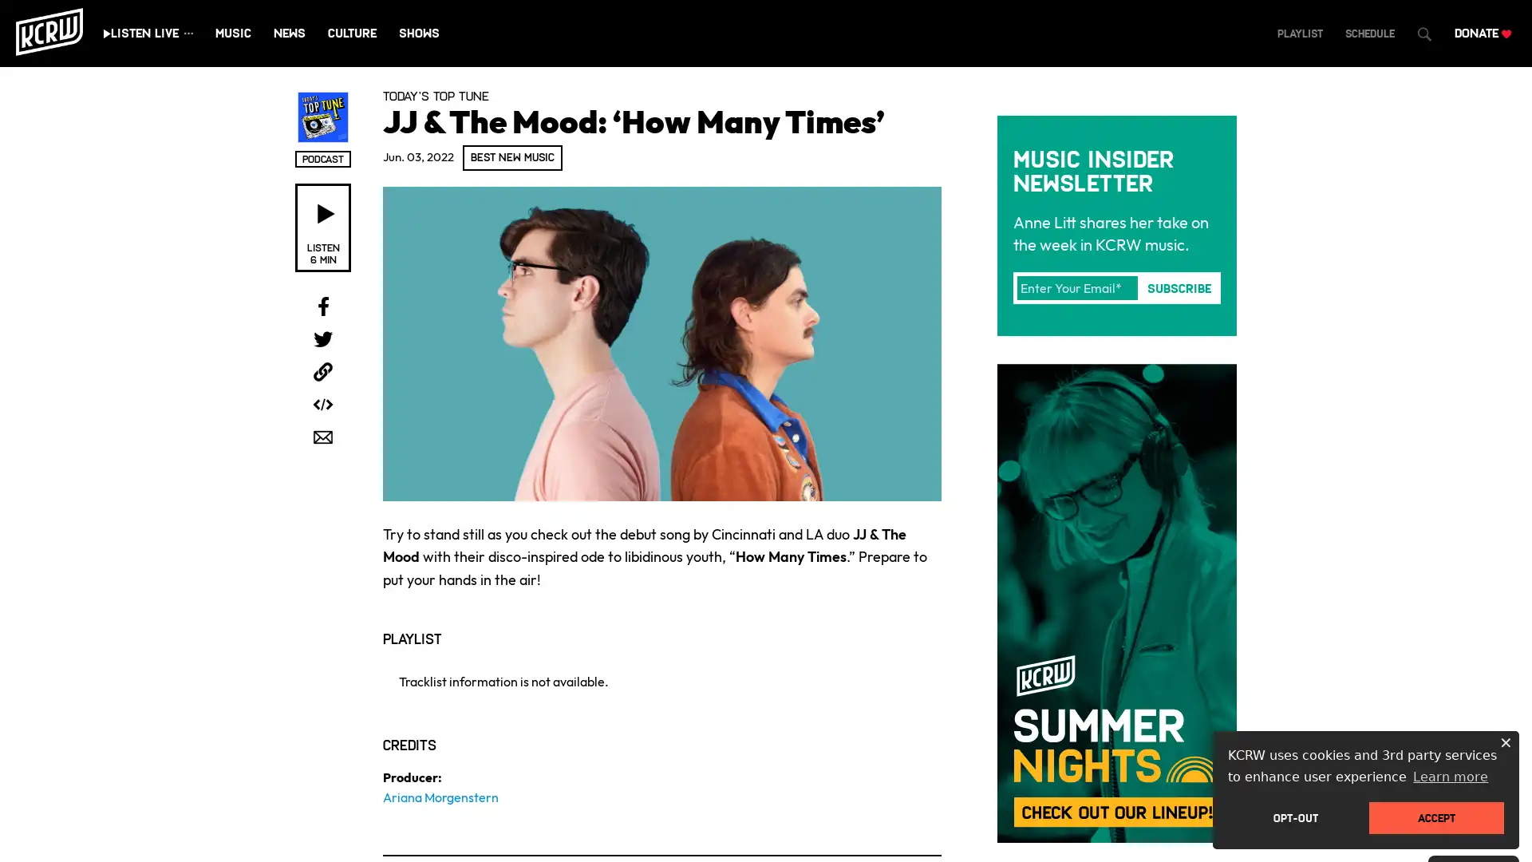 The height and width of the screenshot is (862, 1532). I want to click on Copy link, so click(322, 372).